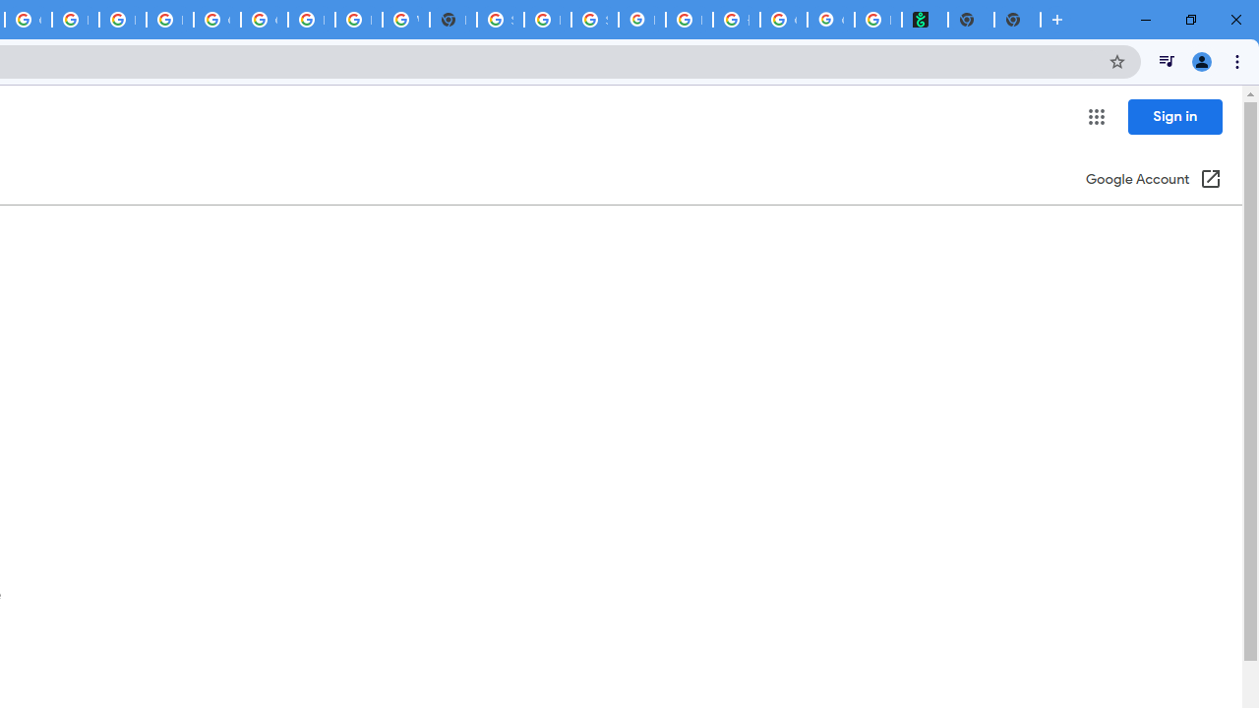  What do you see at coordinates (1166, 60) in the screenshot?
I see `'Control your music, videos, and more'` at bounding box center [1166, 60].